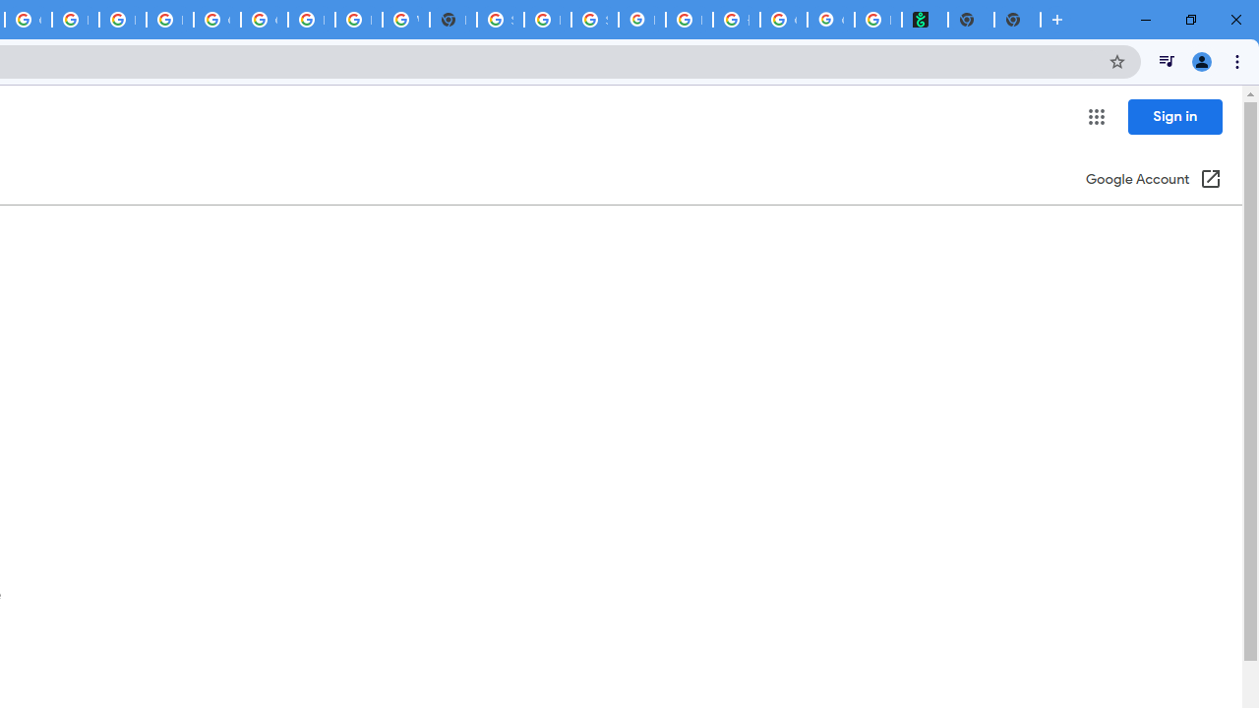  What do you see at coordinates (1166, 60) in the screenshot?
I see `'Control your music, videos, and more'` at bounding box center [1166, 60].